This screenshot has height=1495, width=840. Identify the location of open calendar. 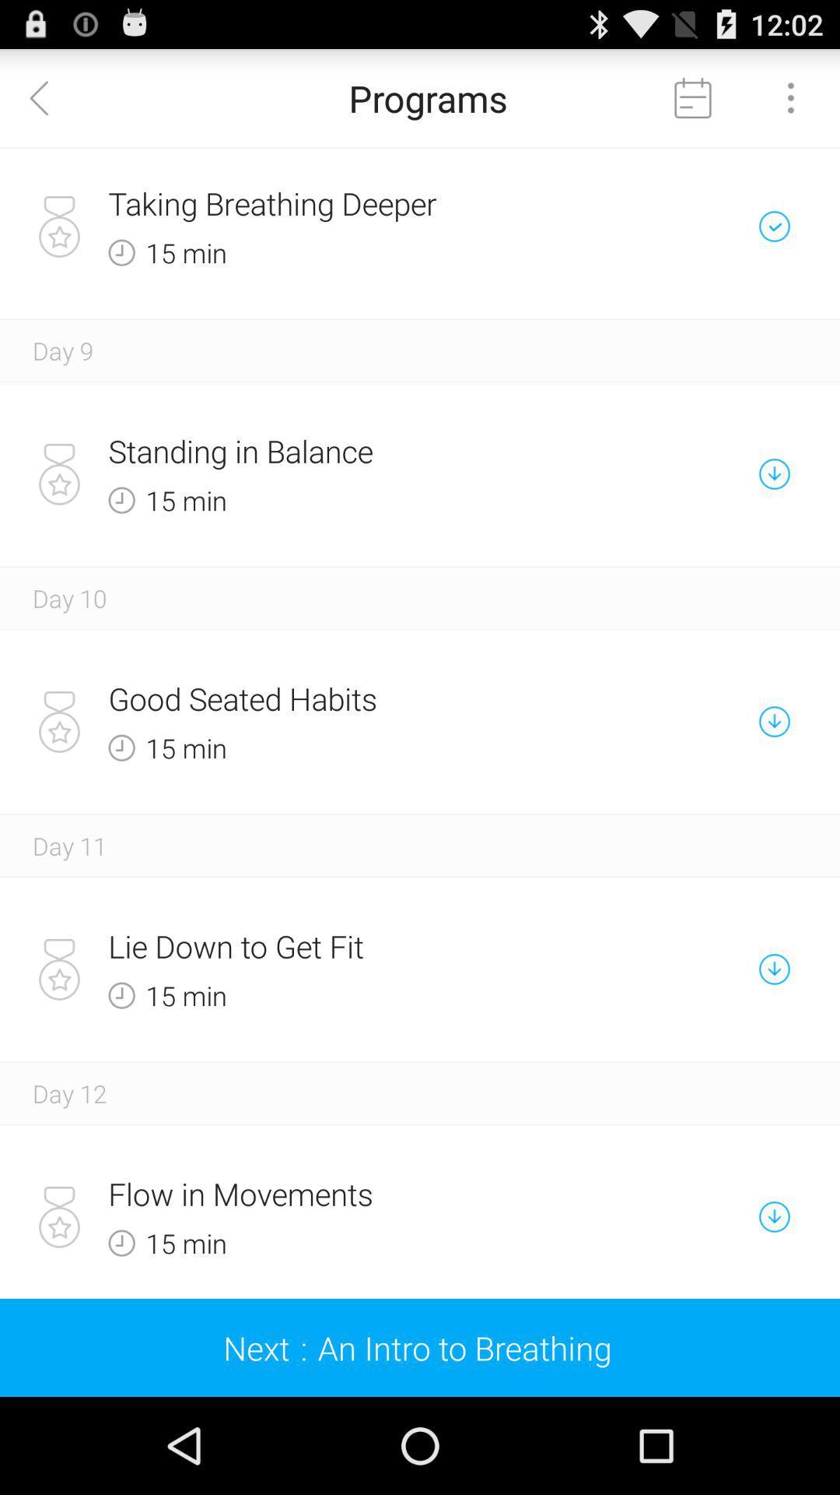
(692, 97).